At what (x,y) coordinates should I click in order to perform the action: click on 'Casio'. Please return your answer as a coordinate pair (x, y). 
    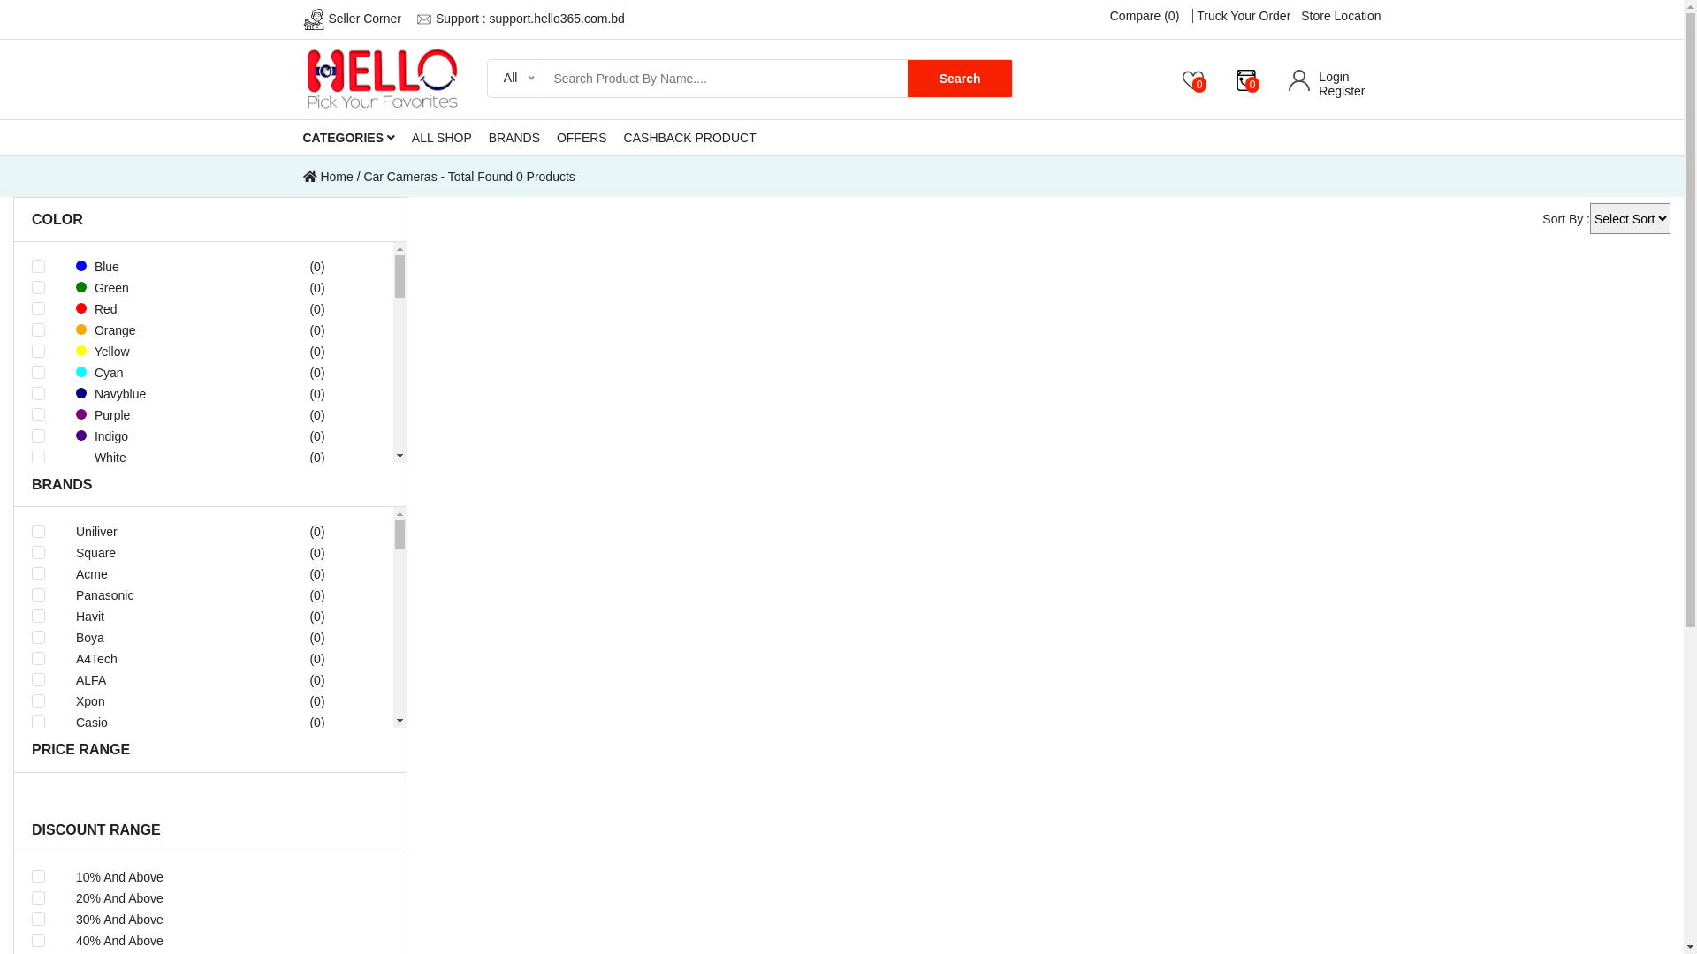
    Looking at the image, I should click on (49, 722).